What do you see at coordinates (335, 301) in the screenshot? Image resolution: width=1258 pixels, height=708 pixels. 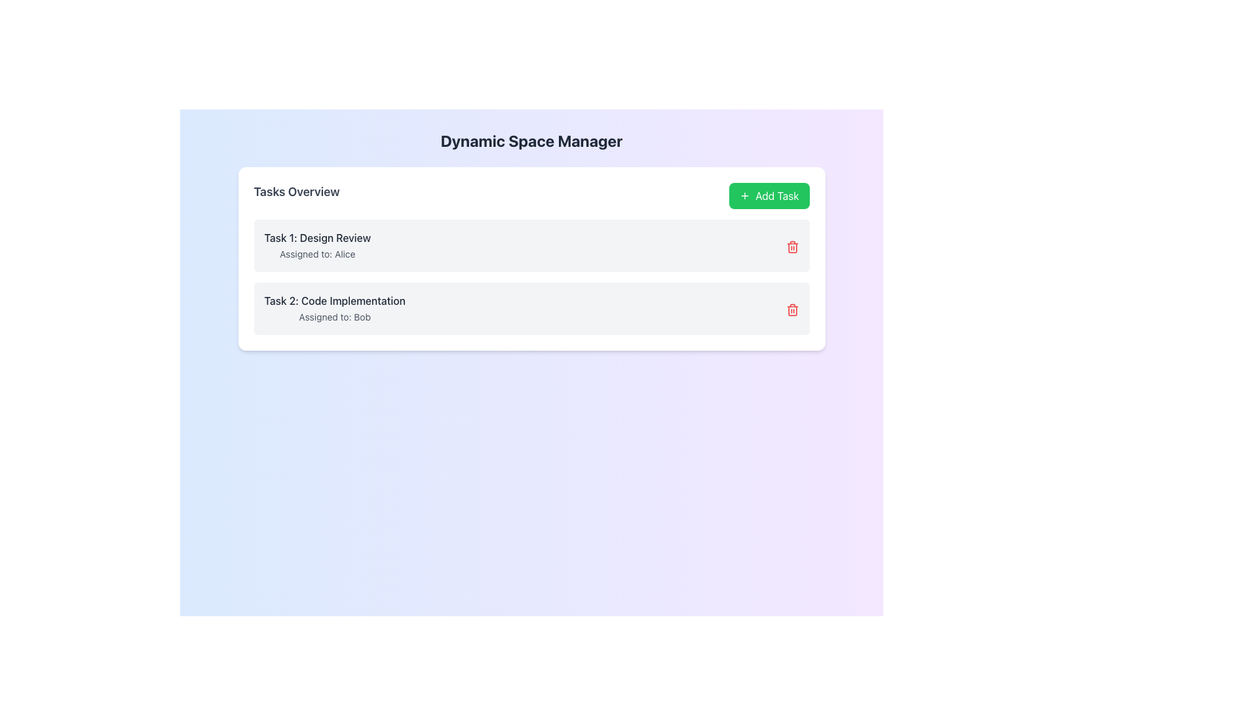 I see `the Text Label located at the center of the second task block in the task list section, which provides a clear understanding of the task content` at bounding box center [335, 301].